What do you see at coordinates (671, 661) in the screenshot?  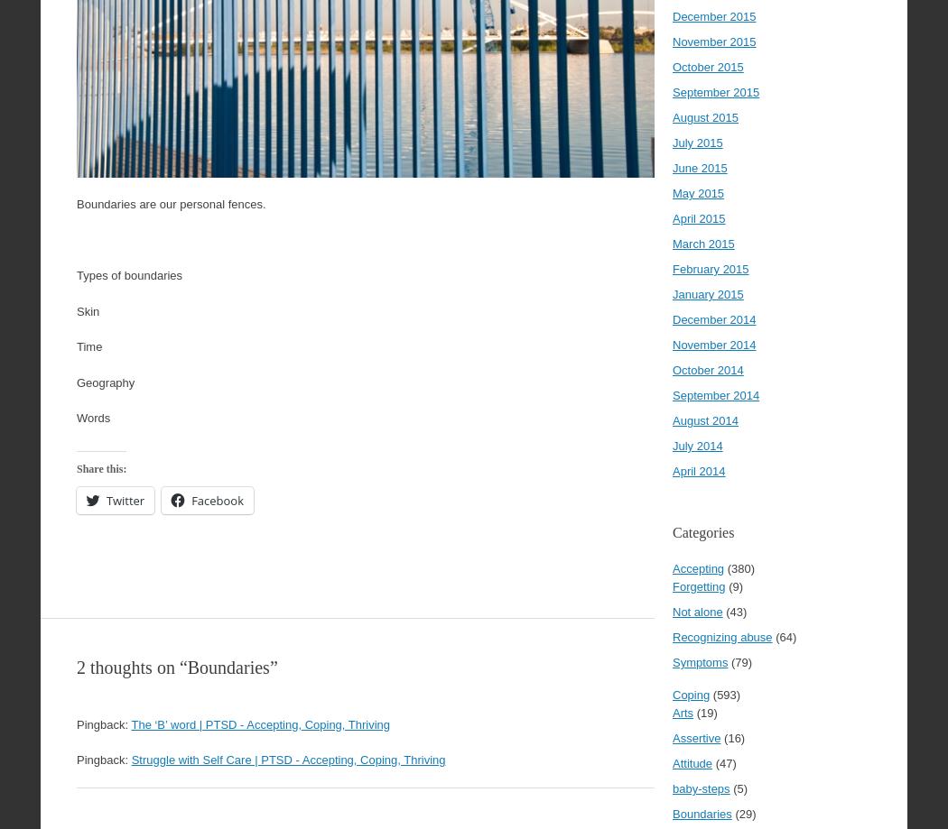 I see `'Symptoms'` at bounding box center [671, 661].